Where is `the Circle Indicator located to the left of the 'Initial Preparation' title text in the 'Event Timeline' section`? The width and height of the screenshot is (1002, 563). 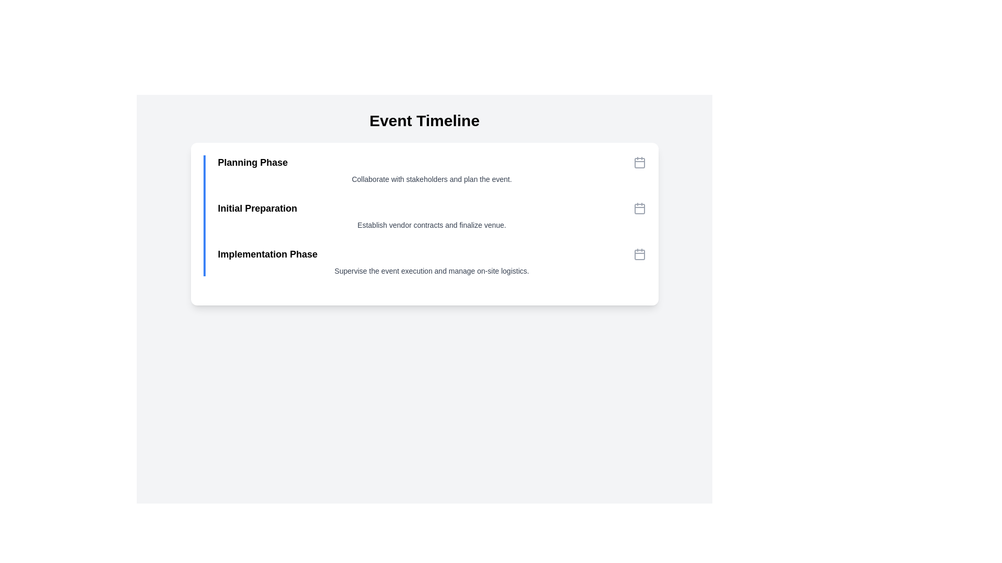
the Circle Indicator located to the left of the 'Initial Preparation' title text in the 'Event Timeline' section is located at coordinates (205, 205).